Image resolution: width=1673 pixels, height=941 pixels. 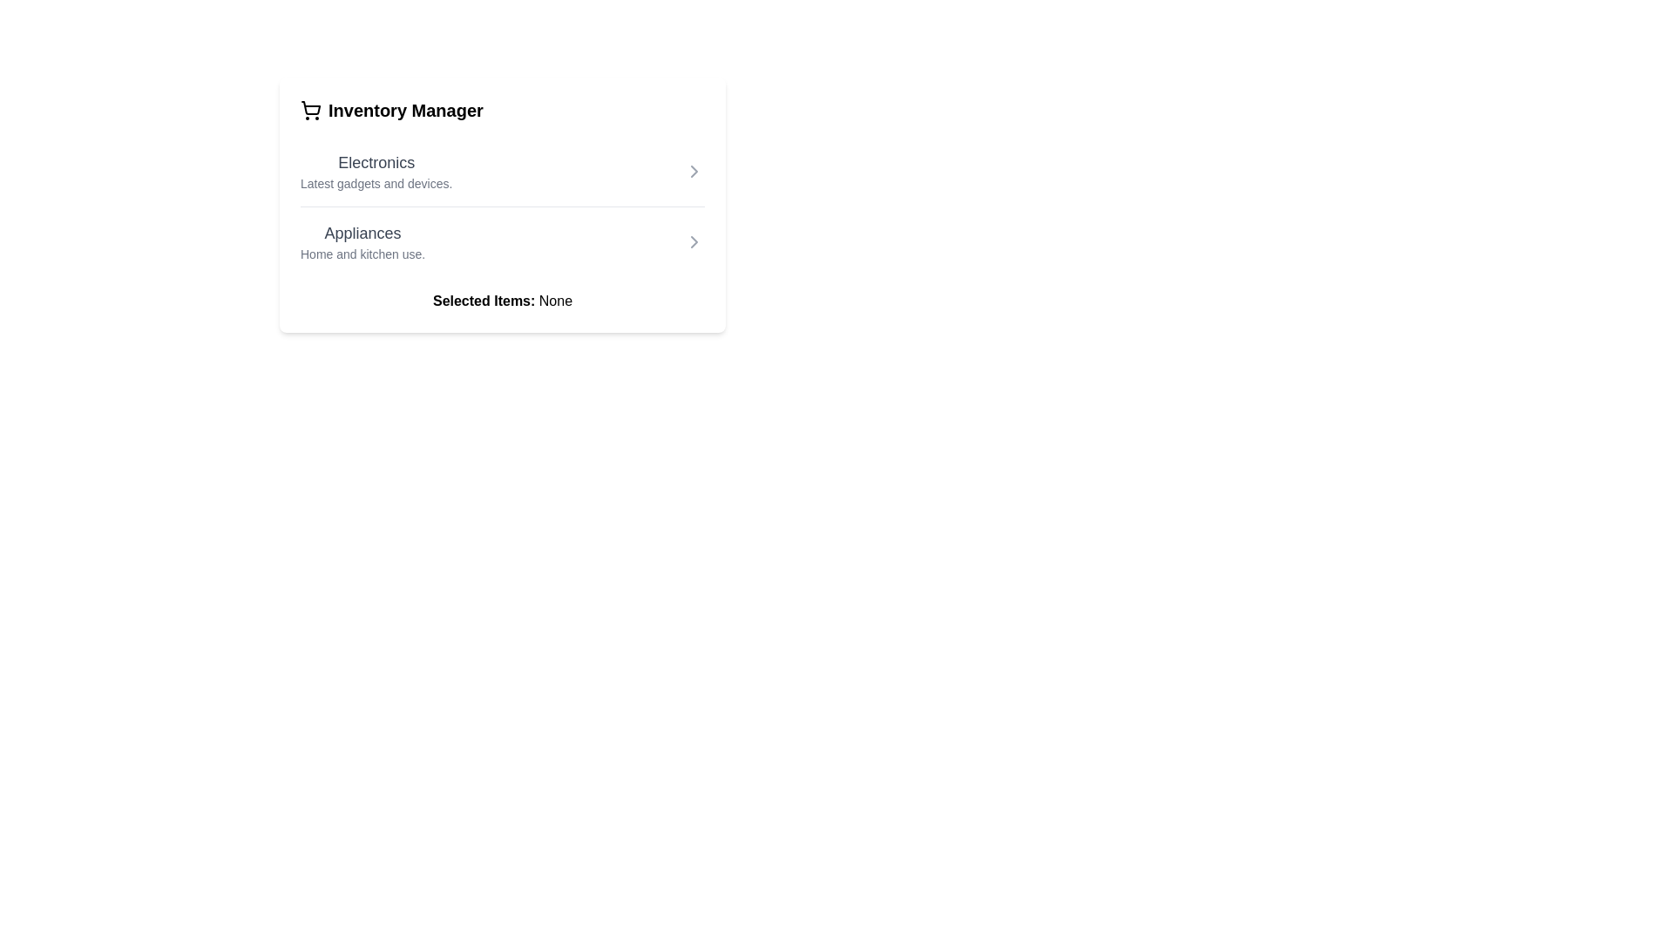 What do you see at coordinates (501, 241) in the screenshot?
I see `the 'Appliances' category selector in the Inventory Manager list, which is located below the 'Electronics' item` at bounding box center [501, 241].